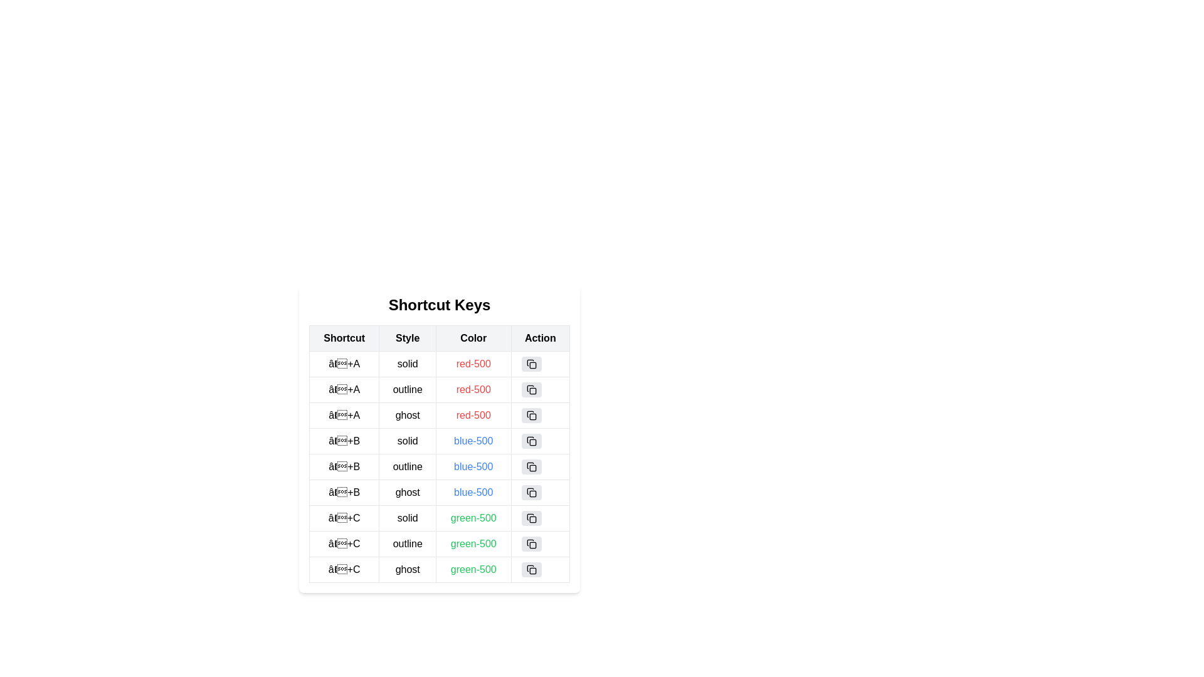 The height and width of the screenshot is (677, 1204). What do you see at coordinates (531, 492) in the screenshot?
I see `the copy button represented by two overlapping squares icon, located in the bottom-right corner of the 'ghost' button in the 'blue-500' row under the 'Action' column` at bounding box center [531, 492].